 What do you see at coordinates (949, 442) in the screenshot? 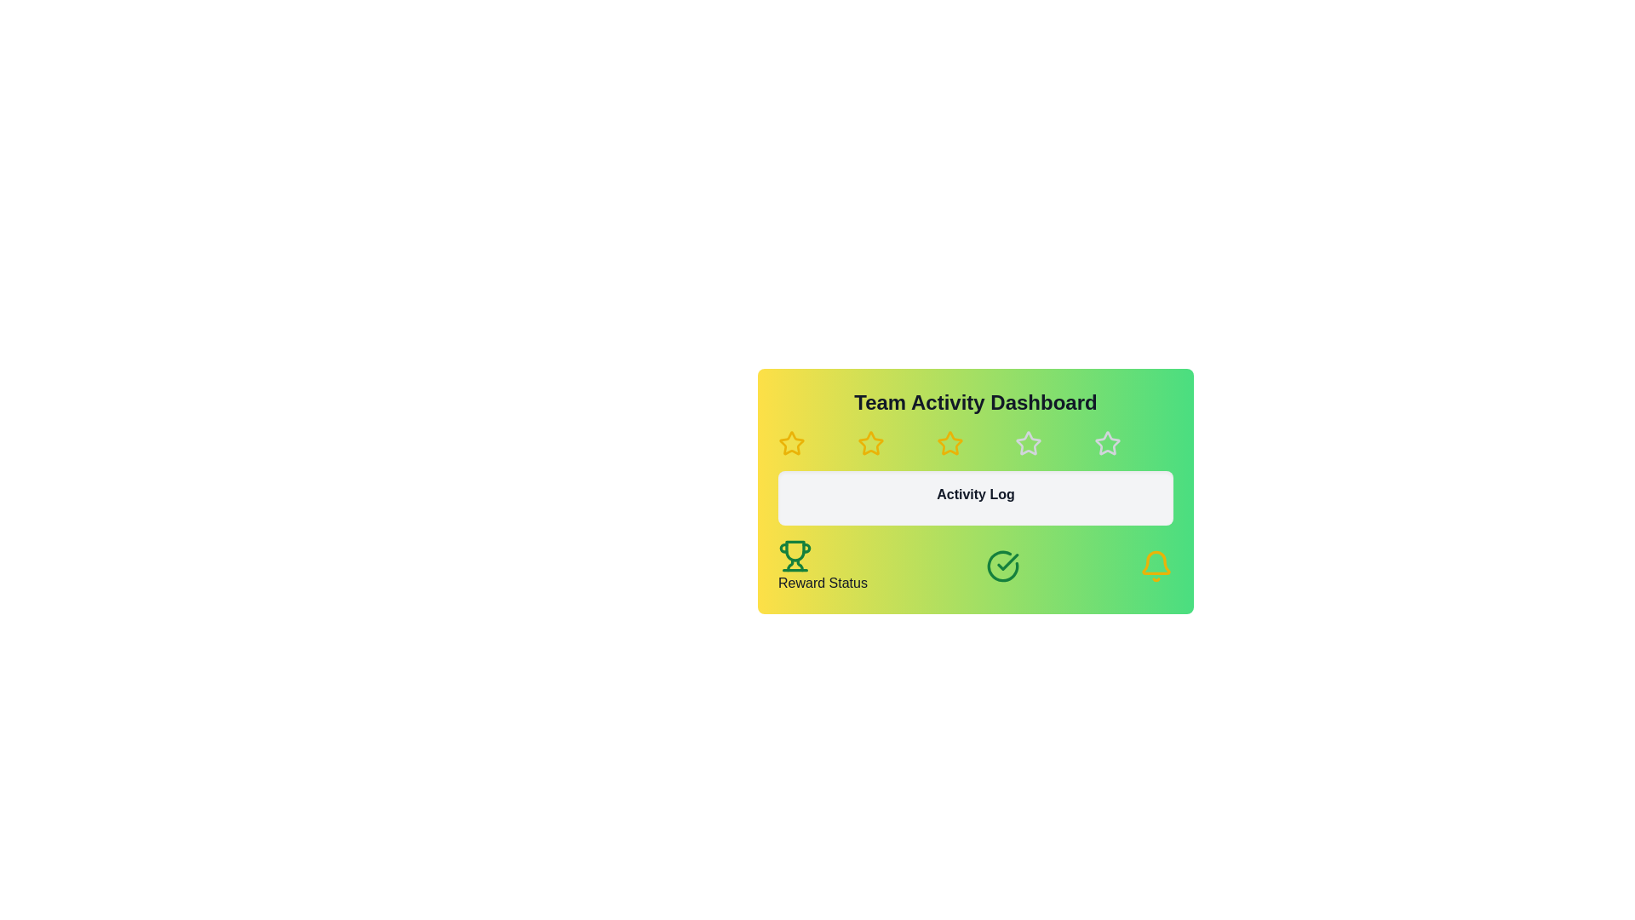
I see `the third star icon from the left in the horizontal row of five stars located beneath the 'Team Activity Dashboard' title` at bounding box center [949, 442].